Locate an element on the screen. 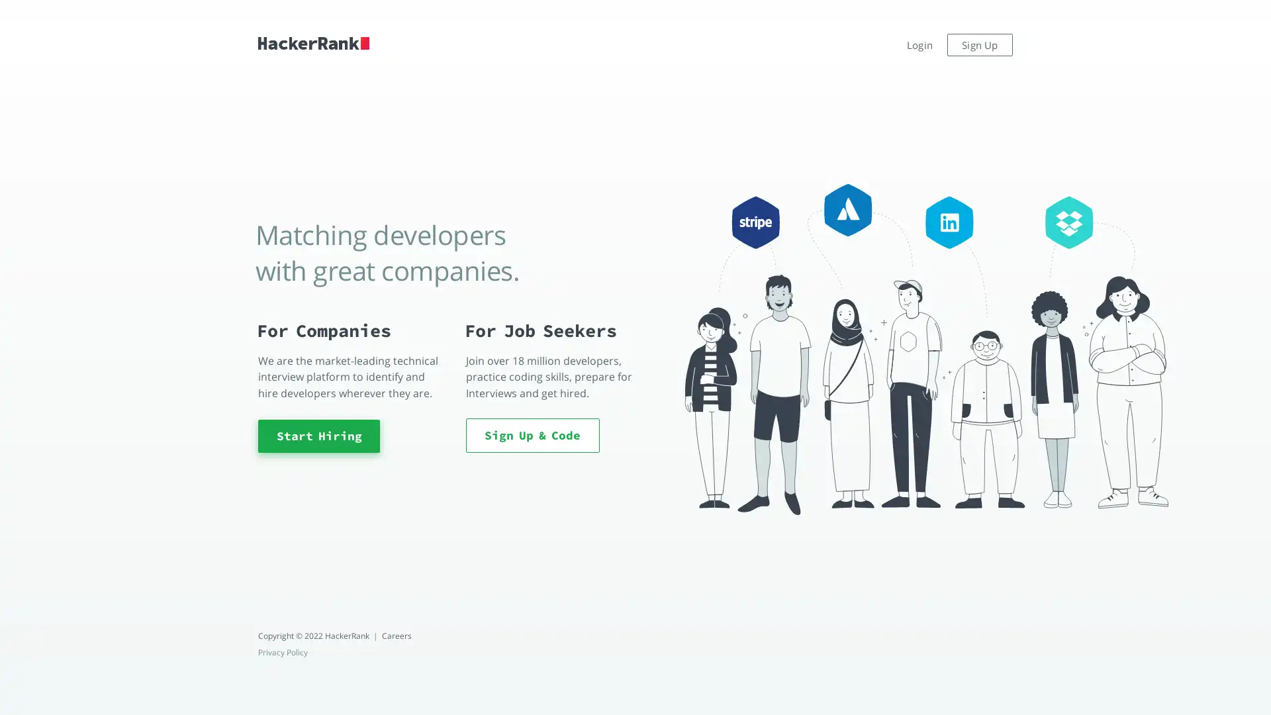 The width and height of the screenshot is (1271, 715). Sign Up & Code is located at coordinates (532, 434).